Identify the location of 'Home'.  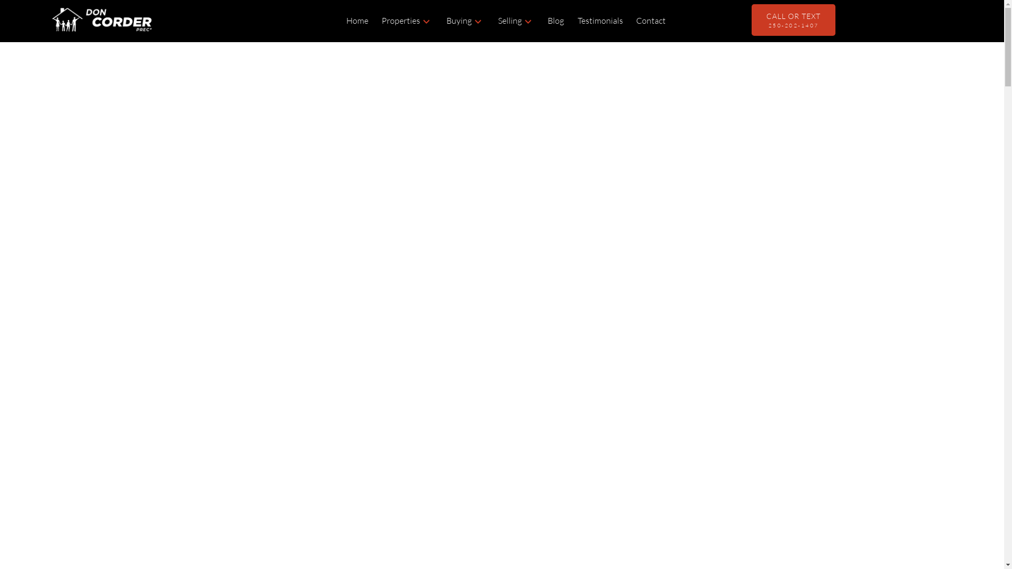
(357, 21).